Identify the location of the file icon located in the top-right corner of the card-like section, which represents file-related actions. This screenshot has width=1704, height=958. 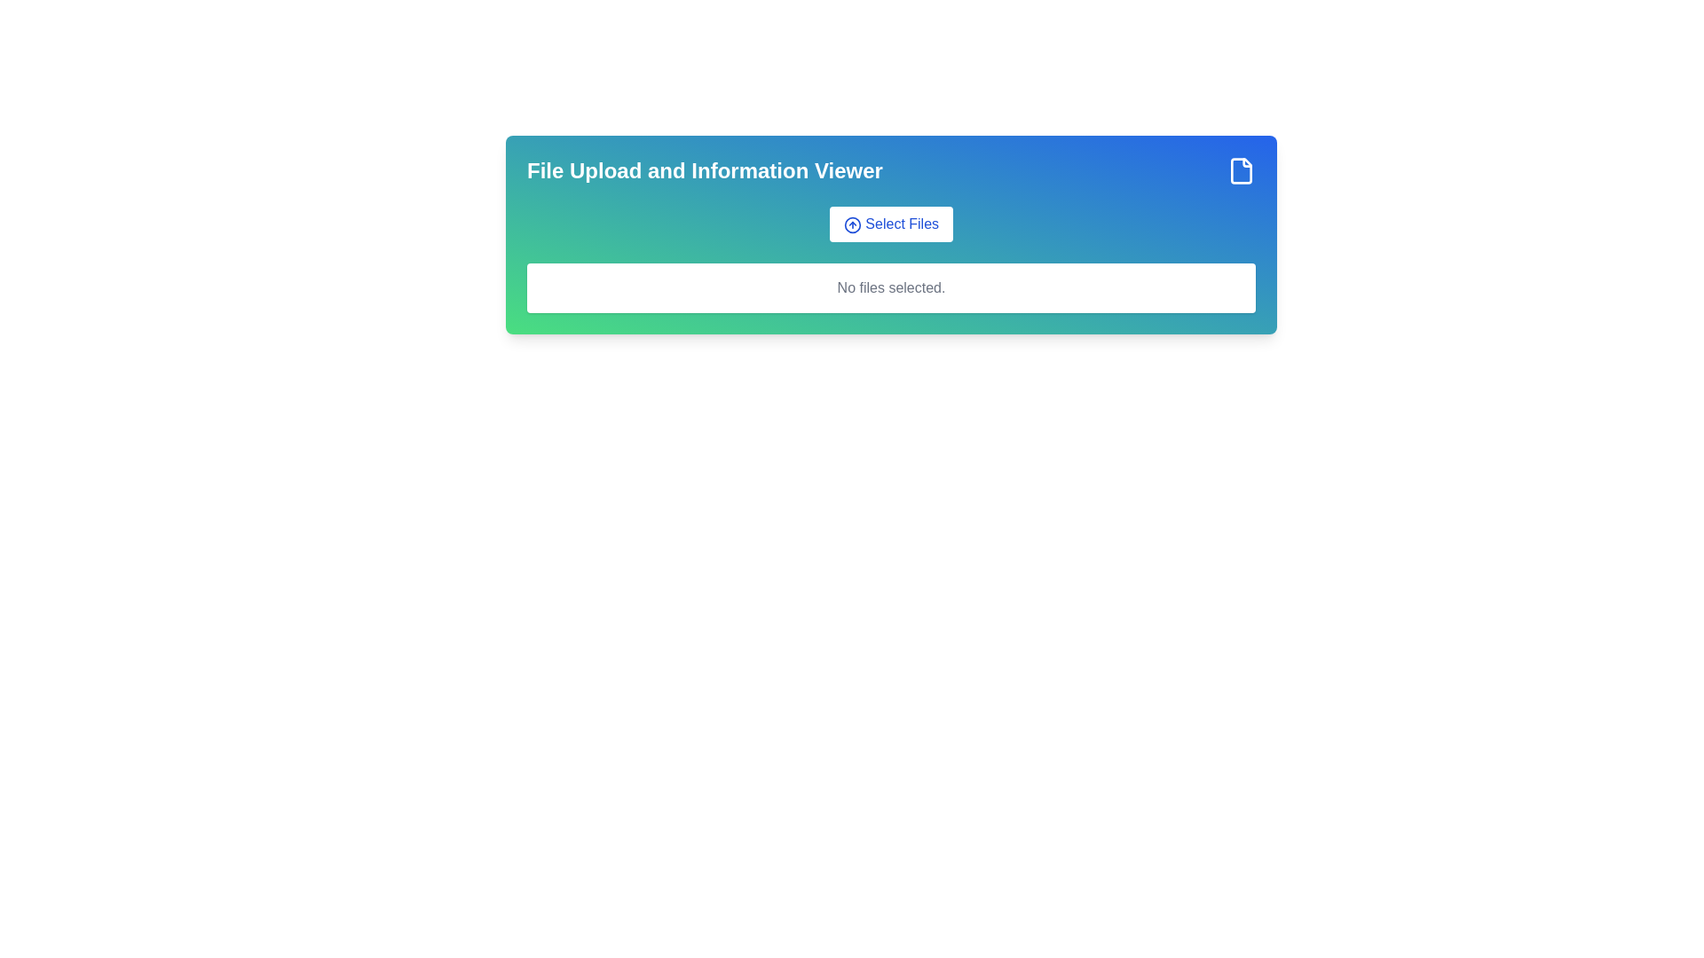
(1240, 170).